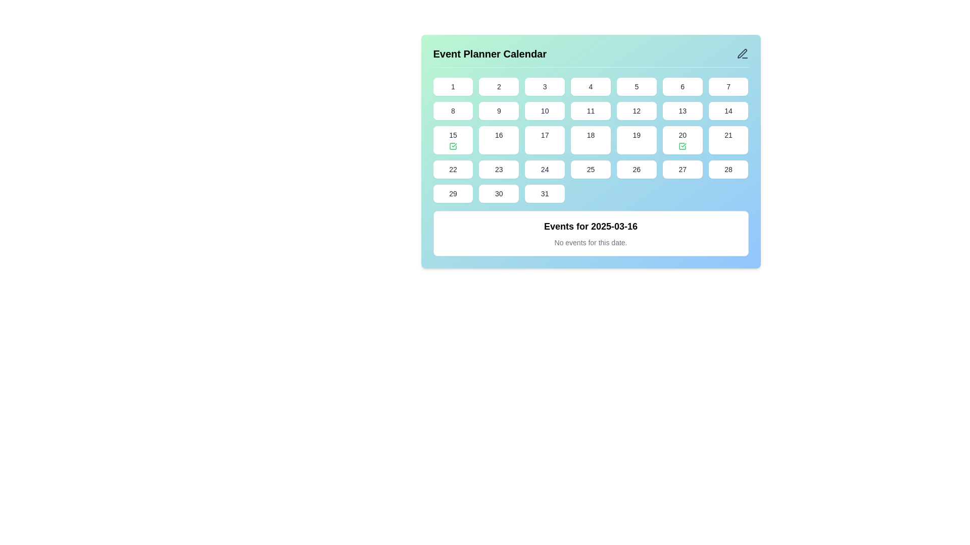 Image resolution: width=970 pixels, height=545 pixels. Describe the element at coordinates (452, 86) in the screenshot. I see `the first button in the calendar interface under the title 'Event Planner Calendar', located in the first row and first column of the grid layout` at that location.